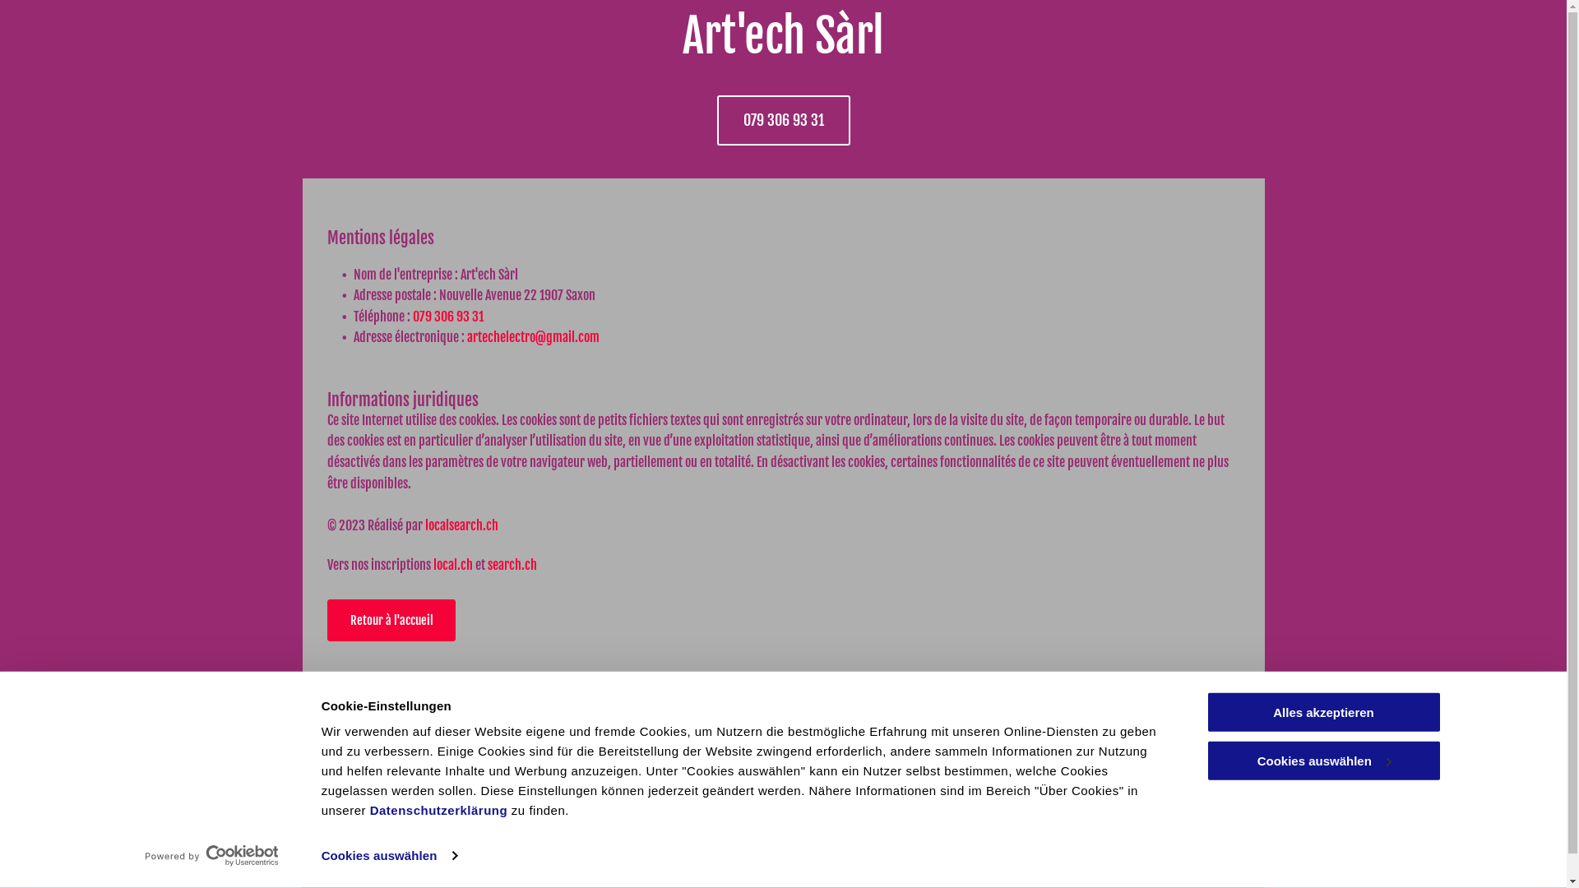  I want to click on 'artechelectro@gmail.com', so click(533, 335).